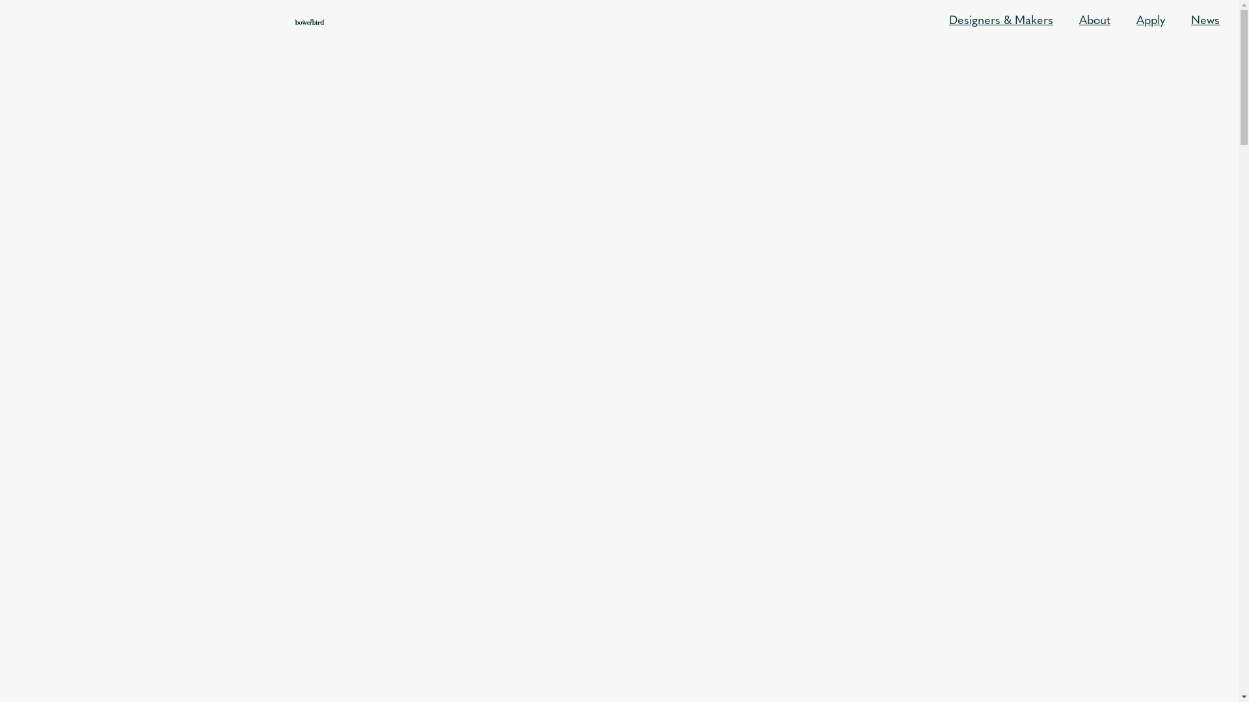 The height and width of the screenshot is (702, 1249). What do you see at coordinates (1151, 21) in the screenshot?
I see `'Apply'` at bounding box center [1151, 21].